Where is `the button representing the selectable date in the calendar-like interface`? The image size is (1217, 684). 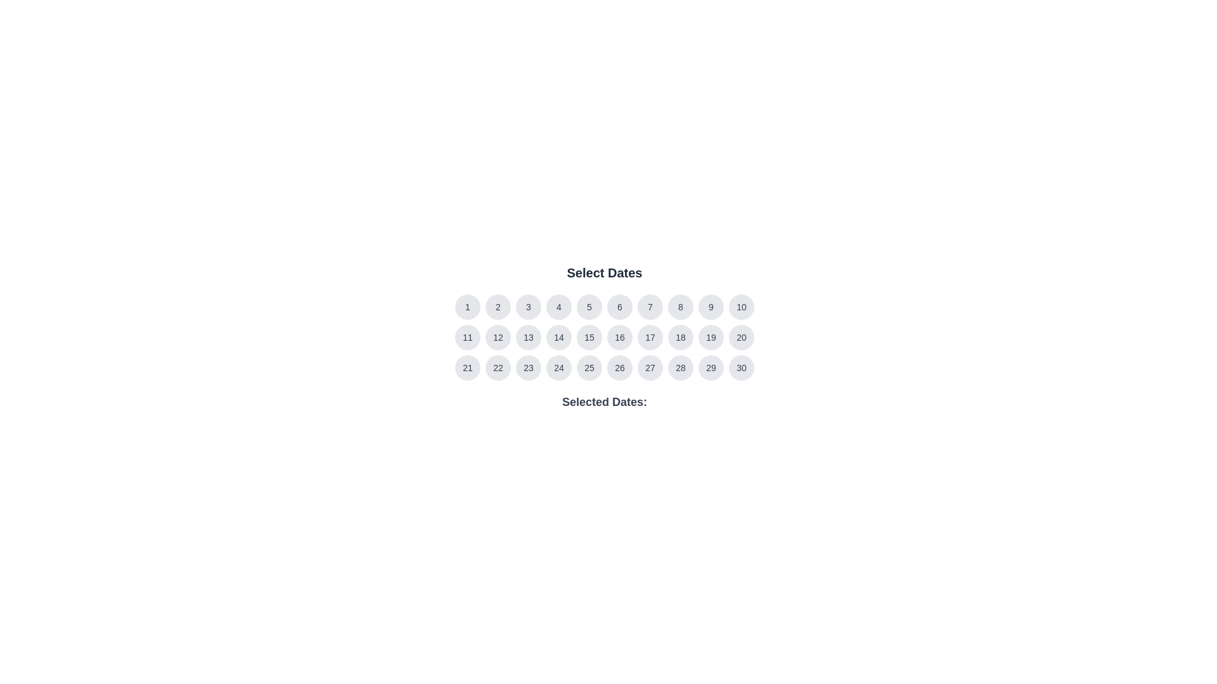
the button representing the selectable date in the calendar-like interface is located at coordinates (467, 336).